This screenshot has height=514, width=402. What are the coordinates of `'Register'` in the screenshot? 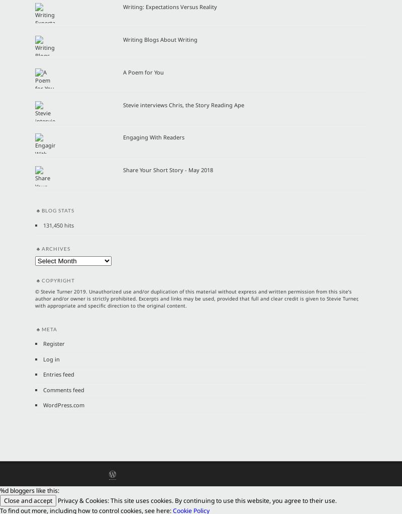 It's located at (53, 343).